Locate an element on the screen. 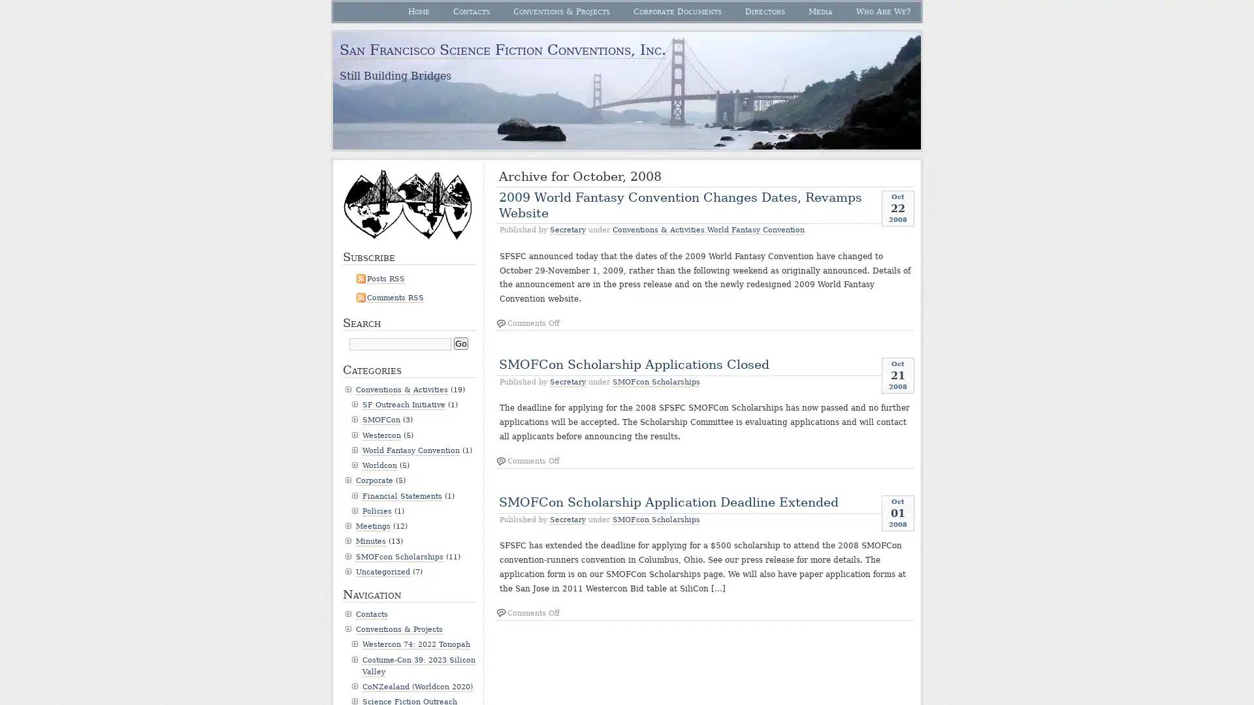  Go is located at coordinates (460, 342).